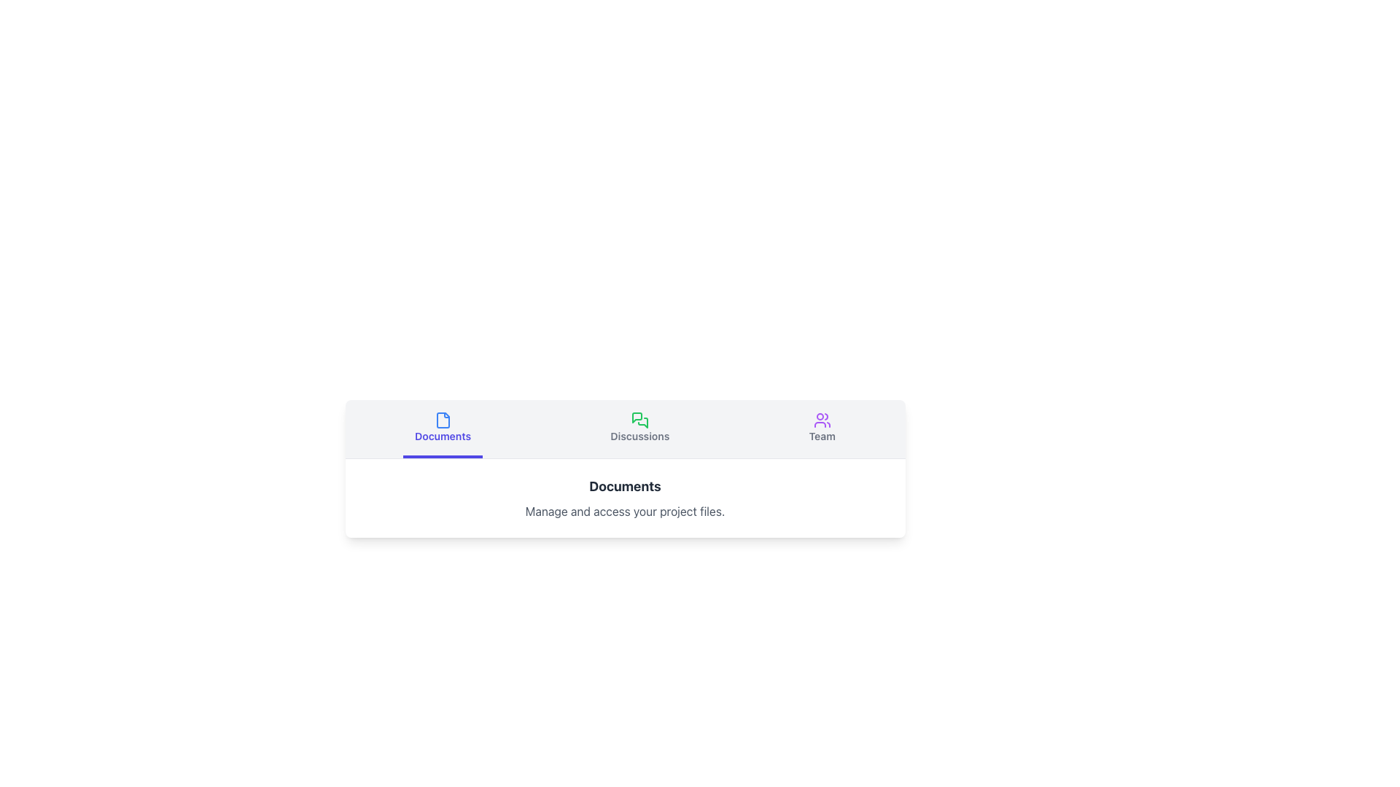 Image resolution: width=1400 pixels, height=787 pixels. What do you see at coordinates (442, 420) in the screenshot?
I see `the 'Documents' tab icon, which is the first in a horizontal tab group and serves as a visual indicator for the active state` at bounding box center [442, 420].